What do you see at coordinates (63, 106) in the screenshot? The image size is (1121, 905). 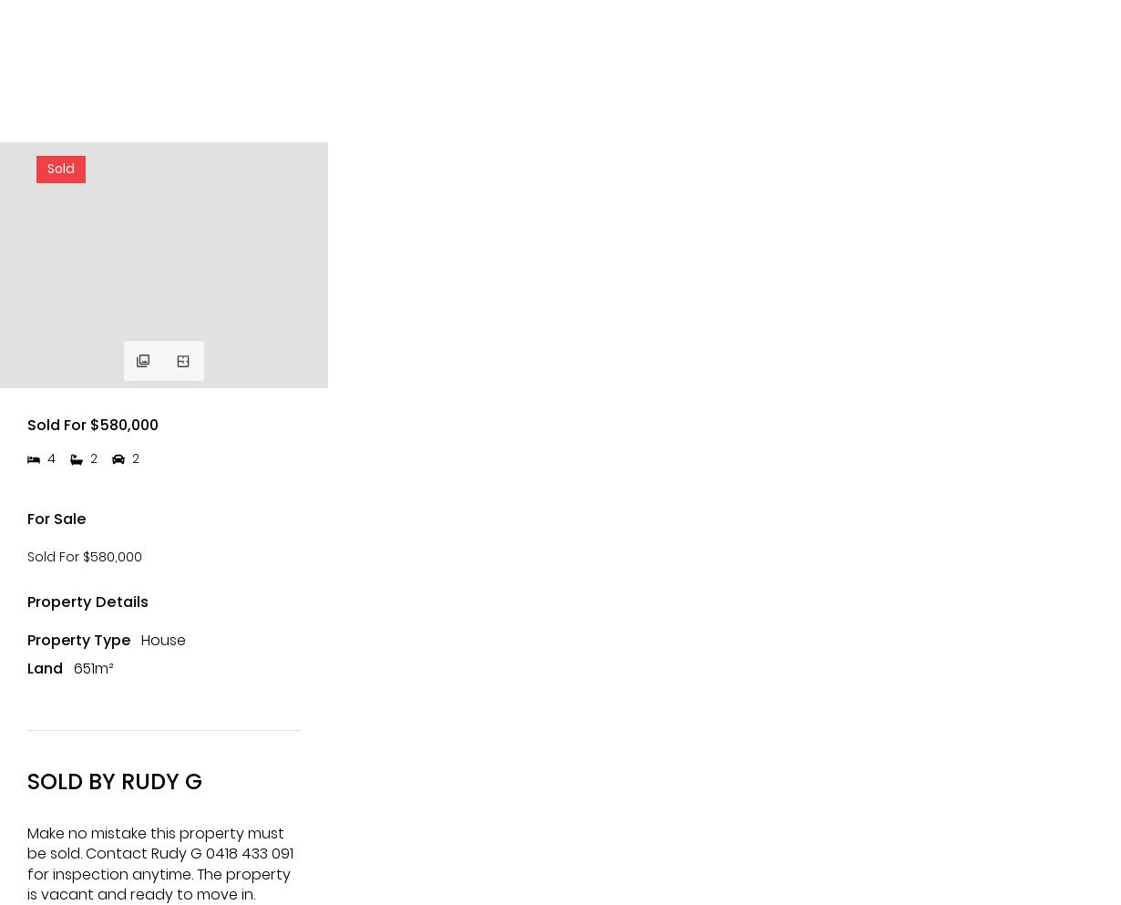 I see `'LJ Hooker Coolangatta | Tweed'` at bounding box center [63, 106].